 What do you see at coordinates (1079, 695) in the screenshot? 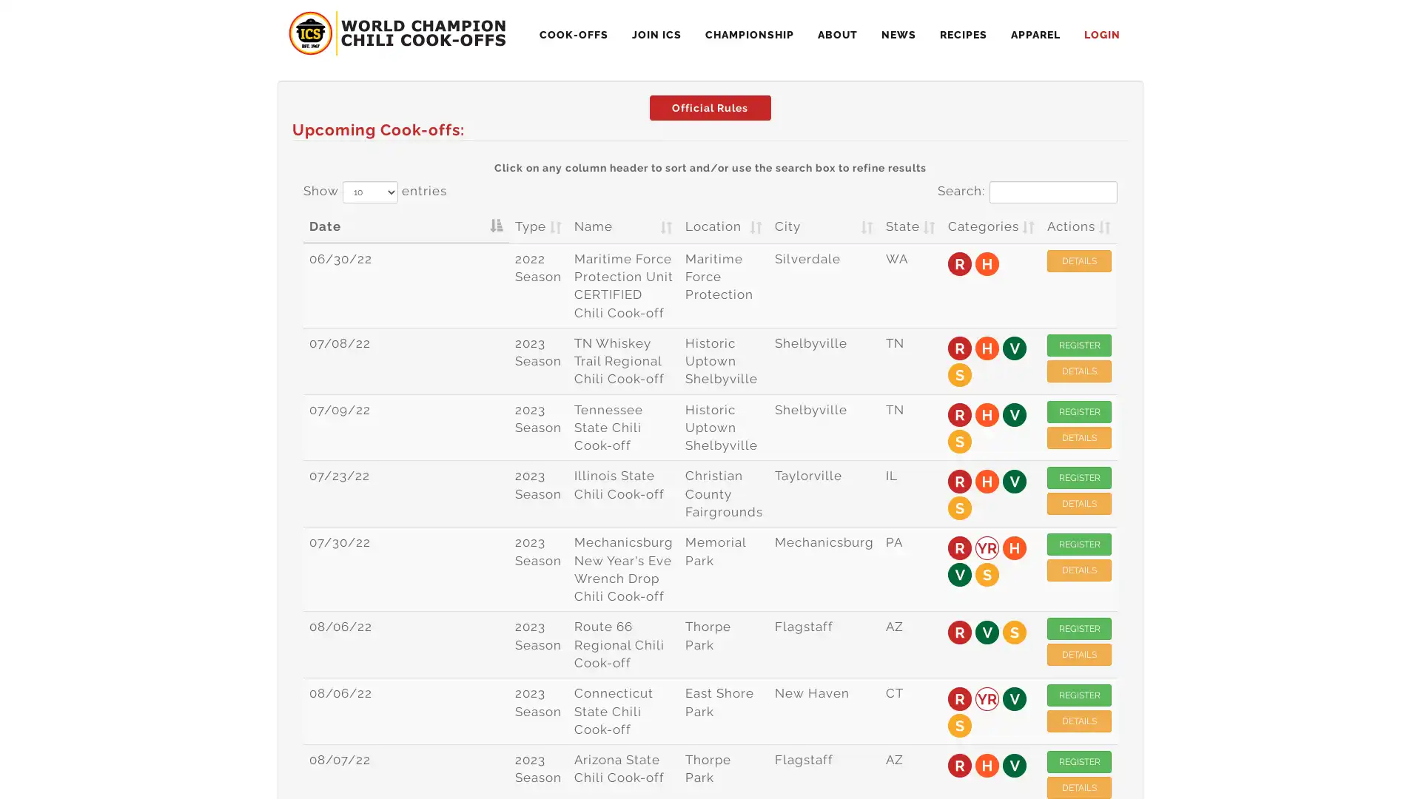
I see `REGISTER` at bounding box center [1079, 695].